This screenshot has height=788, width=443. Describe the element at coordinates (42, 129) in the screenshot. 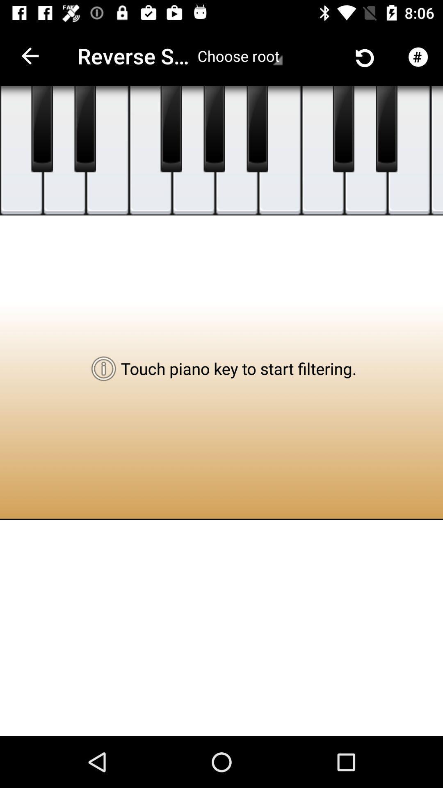

I see `piano key board touch left first key` at that location.